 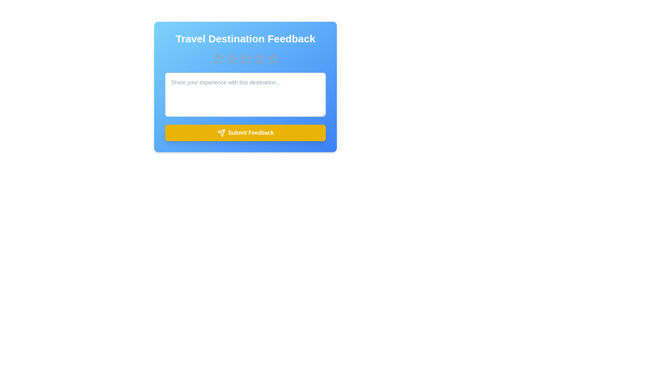 What do you see at coordinates (232, 58) in the screenshot?
I see `the star corresponding to 2 to preview the rating` at bounding box center [232, 58].